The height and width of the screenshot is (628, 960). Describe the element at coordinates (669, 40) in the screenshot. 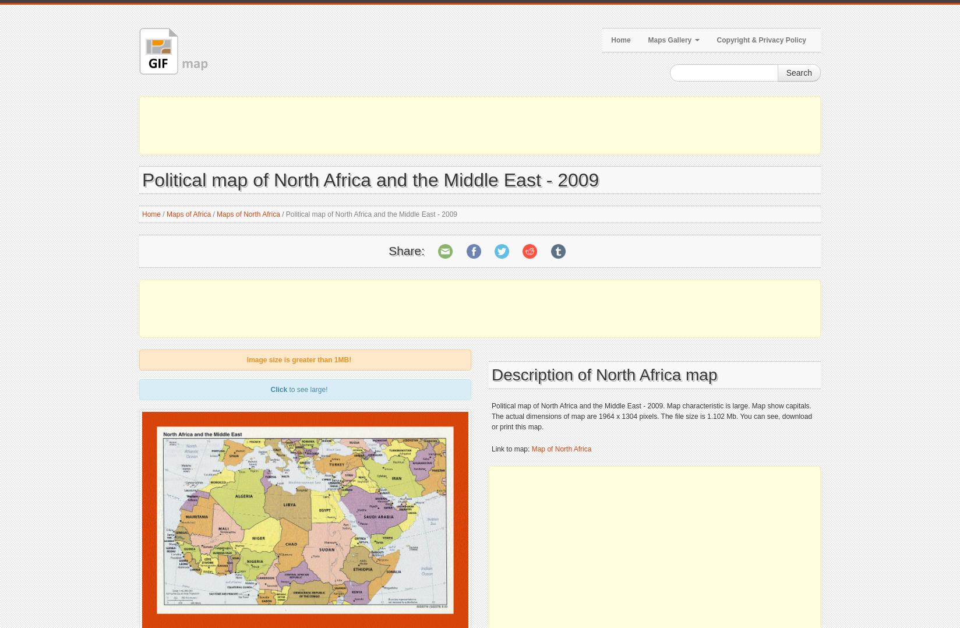

I see `'Maps Gallery'` at that location.